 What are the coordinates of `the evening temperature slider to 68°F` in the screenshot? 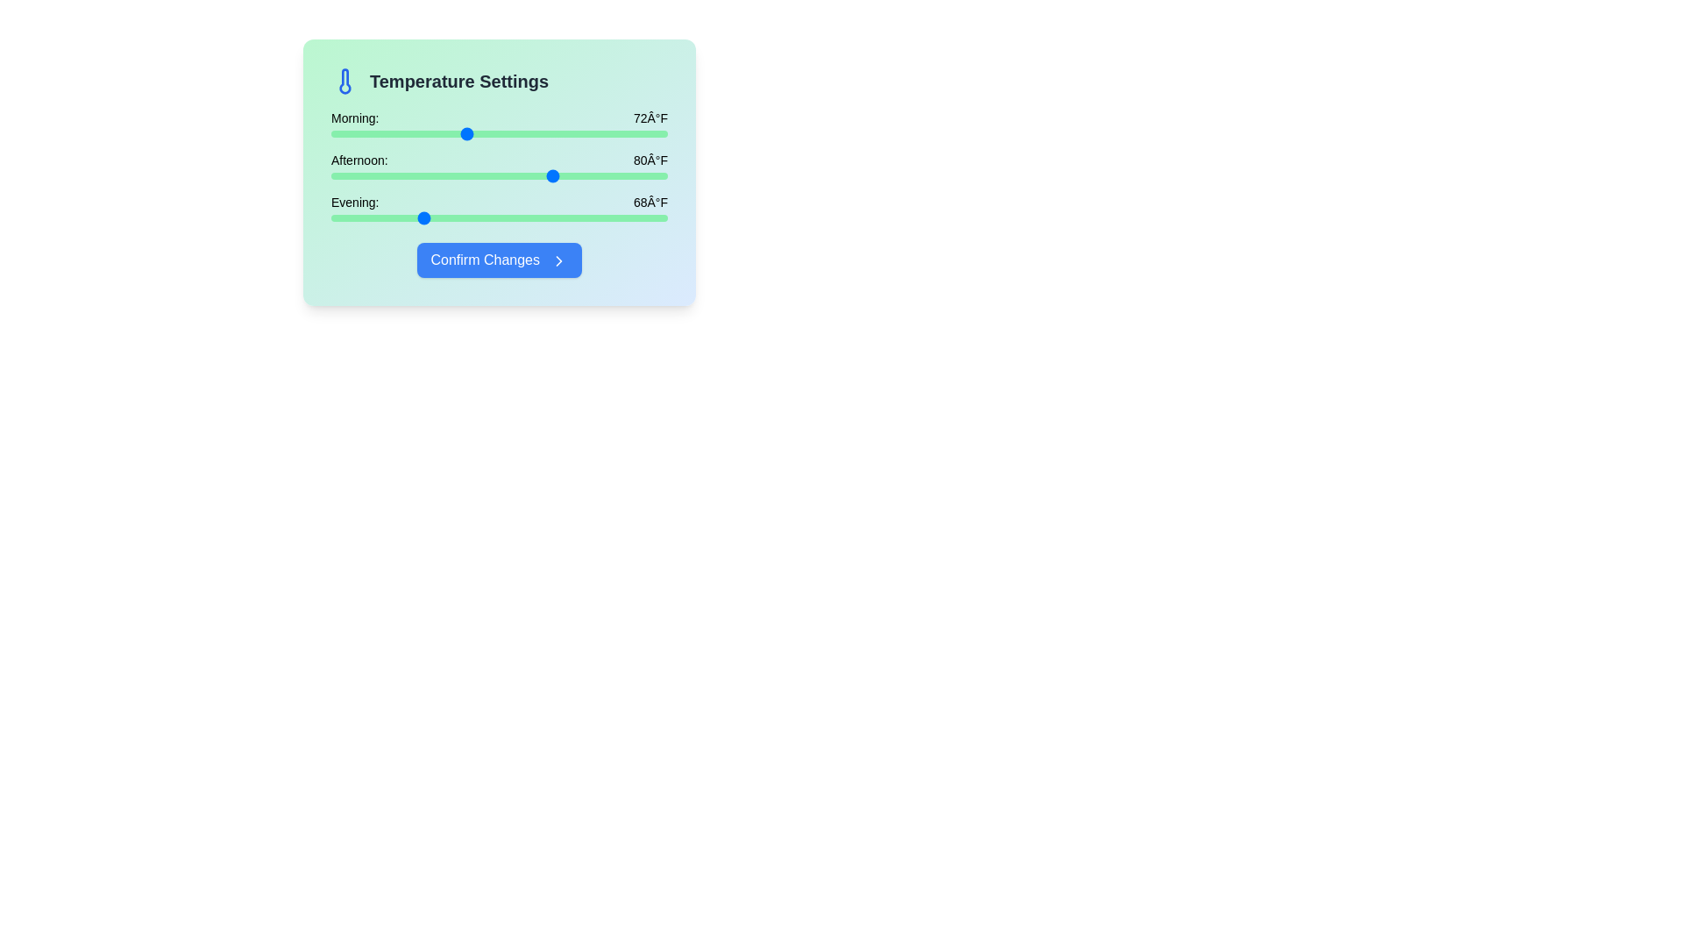 It's located at (421, 217).